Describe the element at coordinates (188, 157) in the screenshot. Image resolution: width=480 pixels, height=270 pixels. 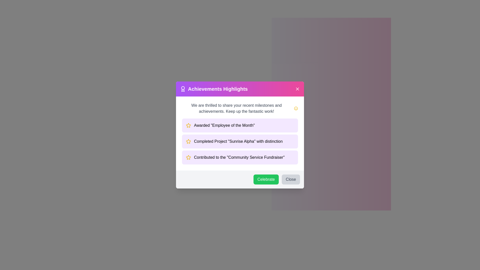
I see `the star icon that denotes achievement in the contribution record for 'Community Service Fundraiser'` at that location.